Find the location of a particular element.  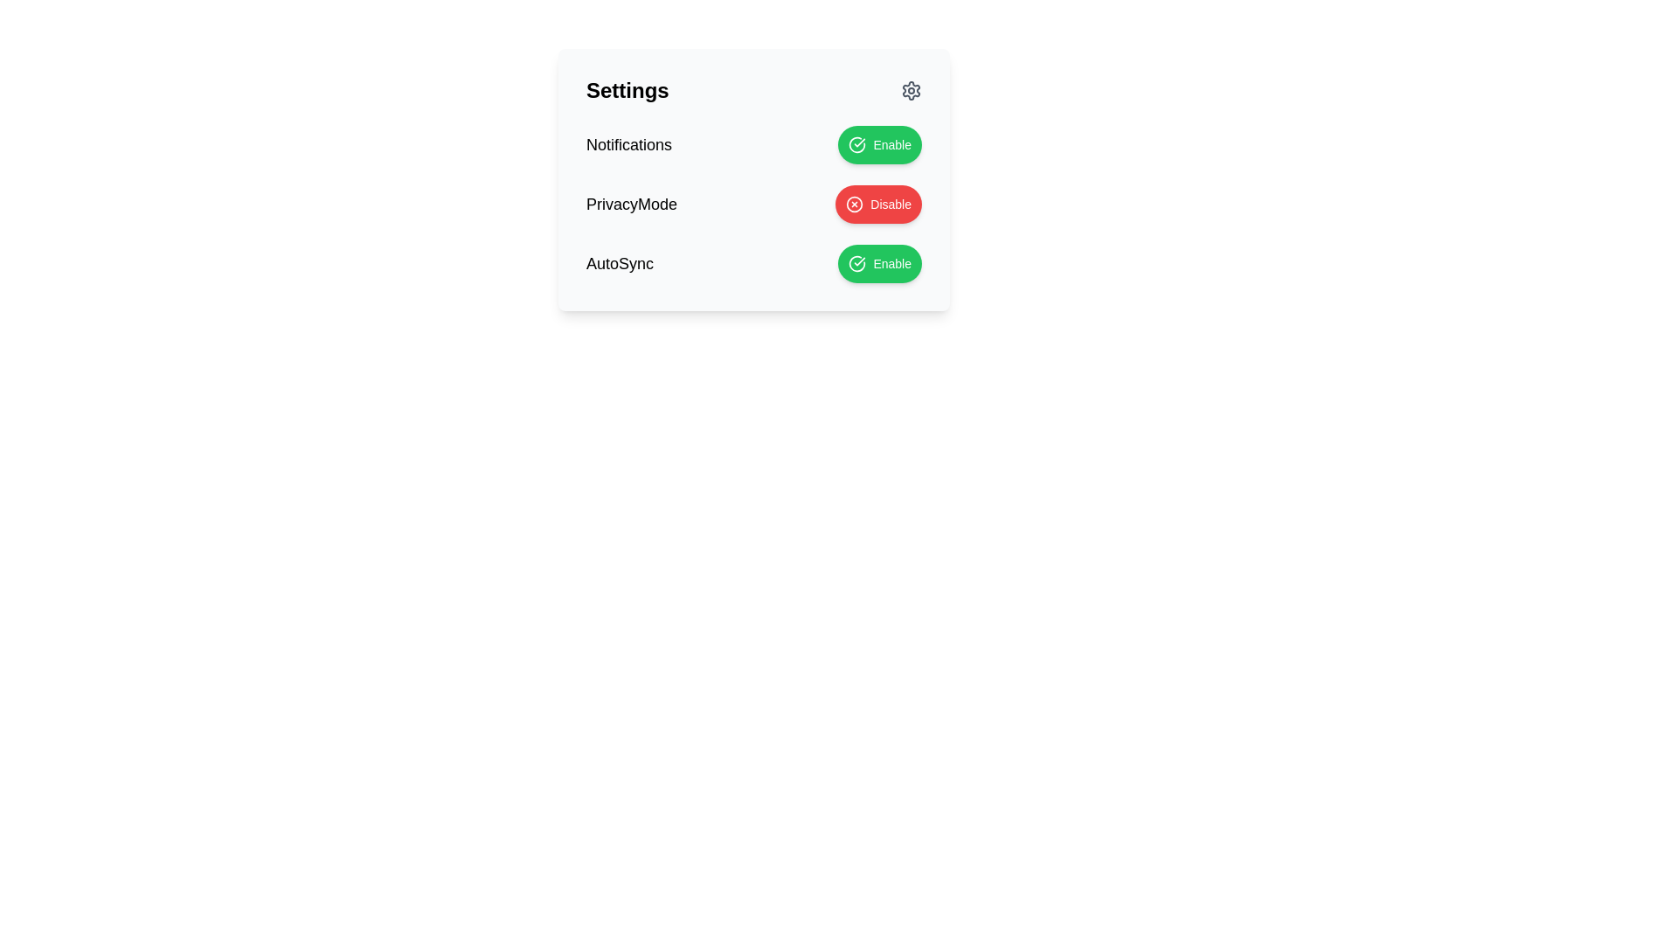

the 'Notifications' button in the Settings interface is located at coordinates (880, 143).